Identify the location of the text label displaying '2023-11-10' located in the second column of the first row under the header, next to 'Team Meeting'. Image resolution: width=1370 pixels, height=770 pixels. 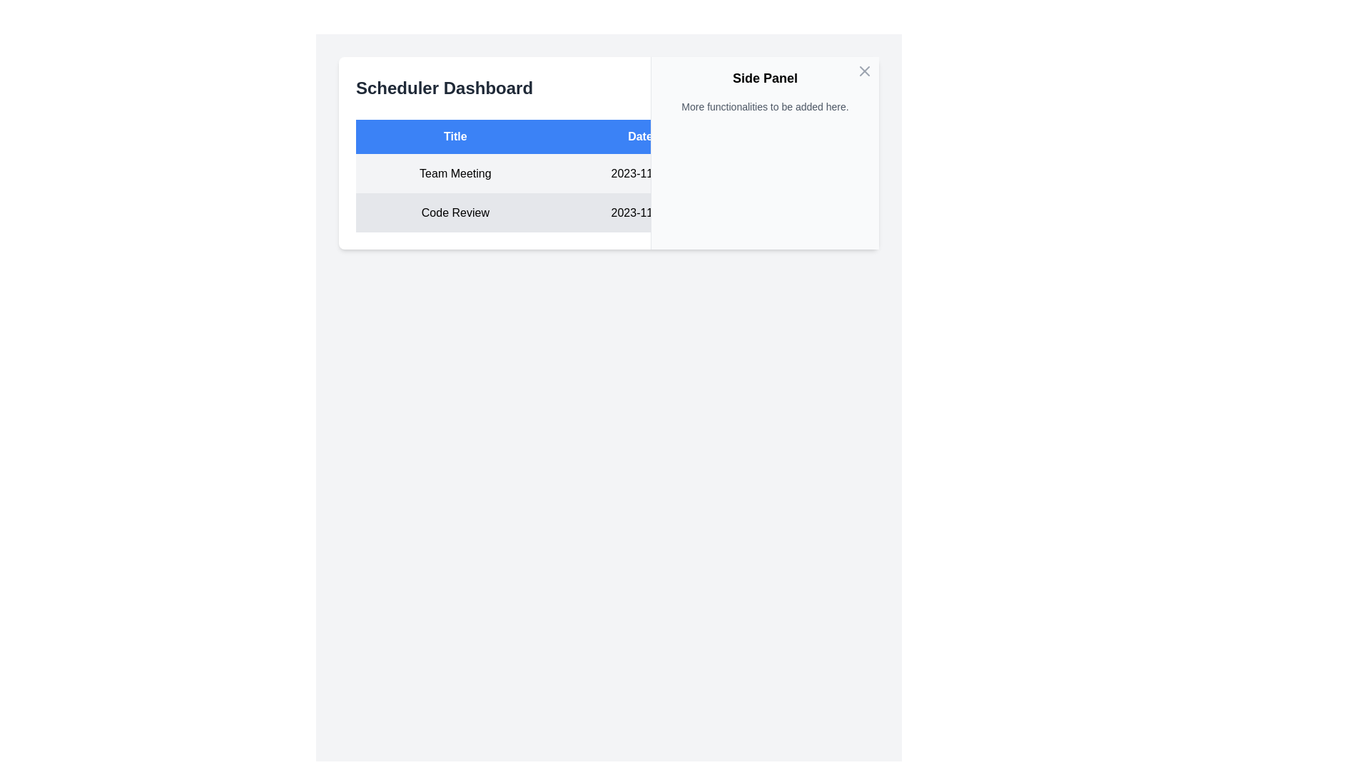
(639, 173).